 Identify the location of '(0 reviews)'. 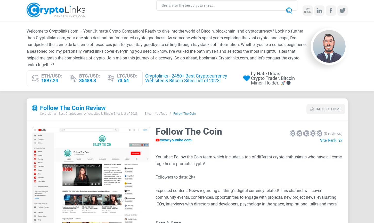
(323, 133).